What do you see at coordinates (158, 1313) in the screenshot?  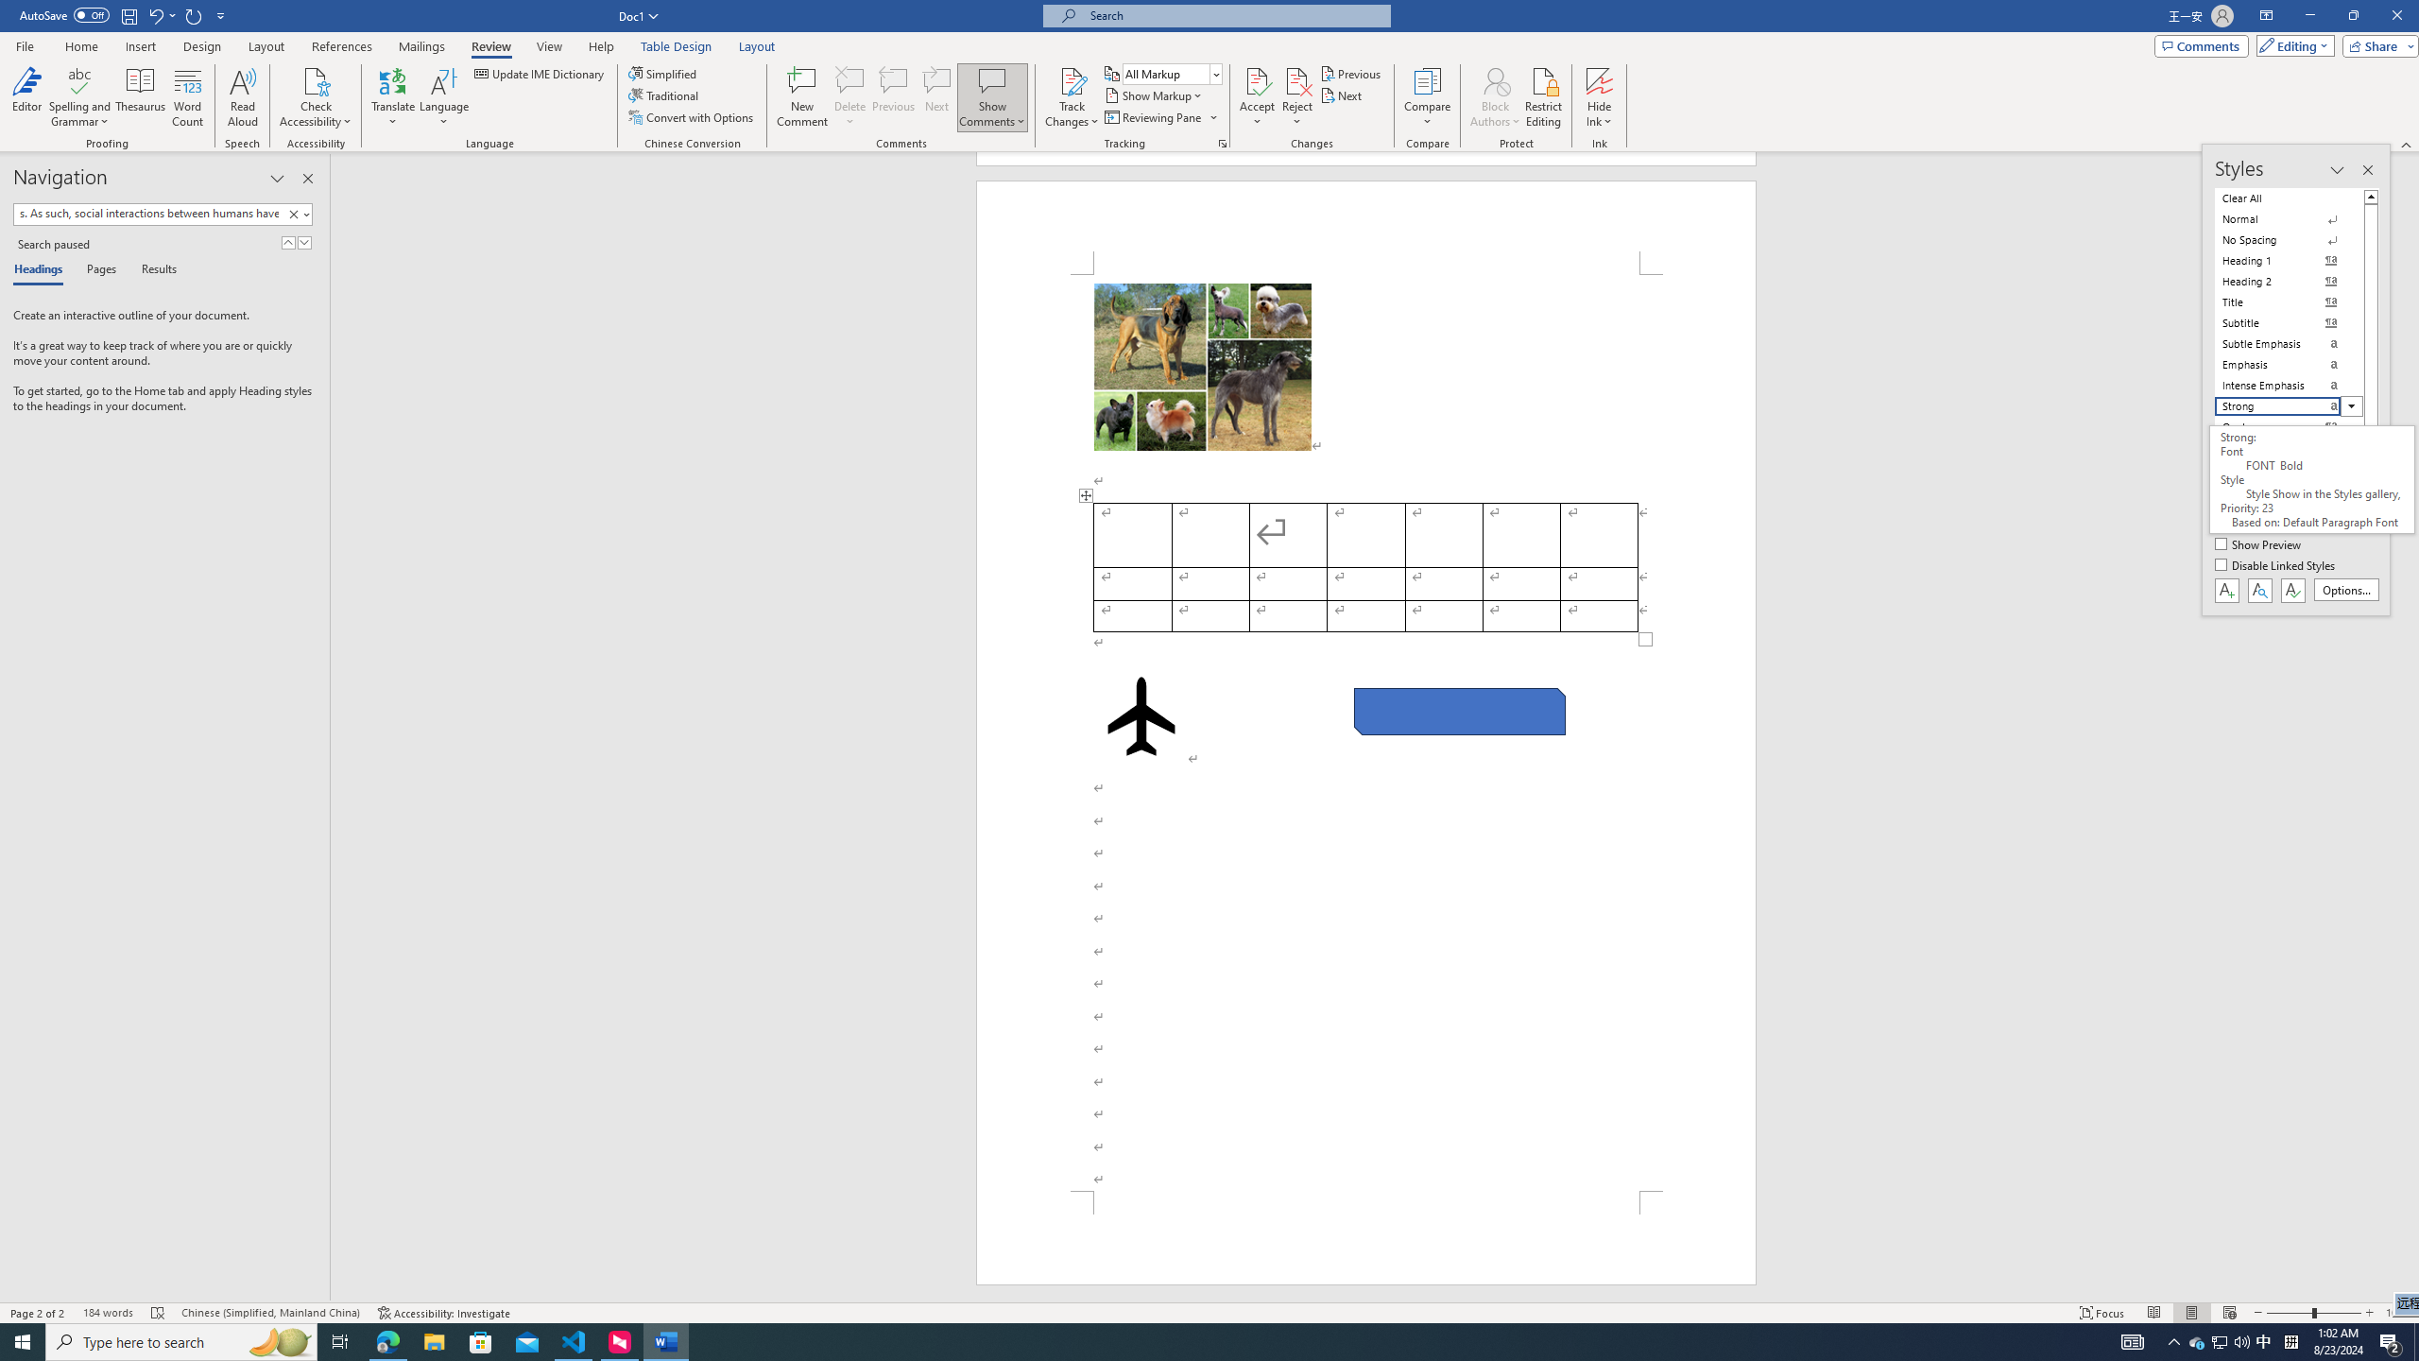 I see `'Spelling and Grammar Check Errors'` at bounding box center [158, 1313].